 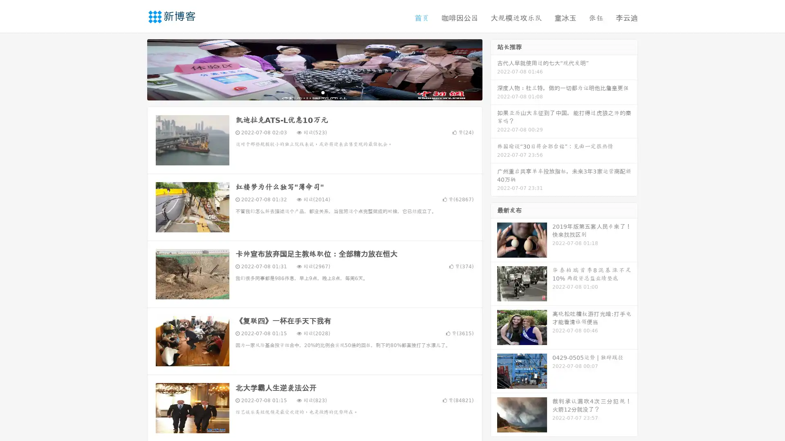 What do you see at coordinates (314, 92) in the screenshot?
I see `Go to slide 2` at bounding box center [314, 92].